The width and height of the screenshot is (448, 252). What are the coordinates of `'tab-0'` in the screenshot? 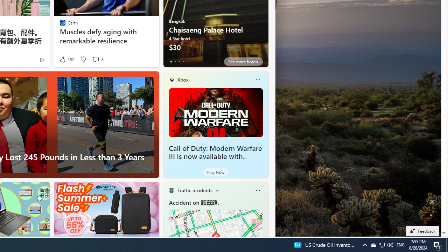 It's located at (171, 61).